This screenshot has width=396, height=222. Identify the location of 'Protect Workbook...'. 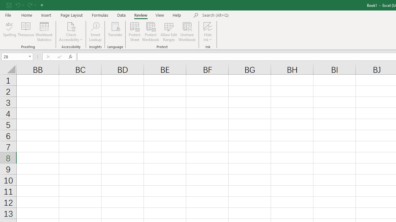
(151, 32).